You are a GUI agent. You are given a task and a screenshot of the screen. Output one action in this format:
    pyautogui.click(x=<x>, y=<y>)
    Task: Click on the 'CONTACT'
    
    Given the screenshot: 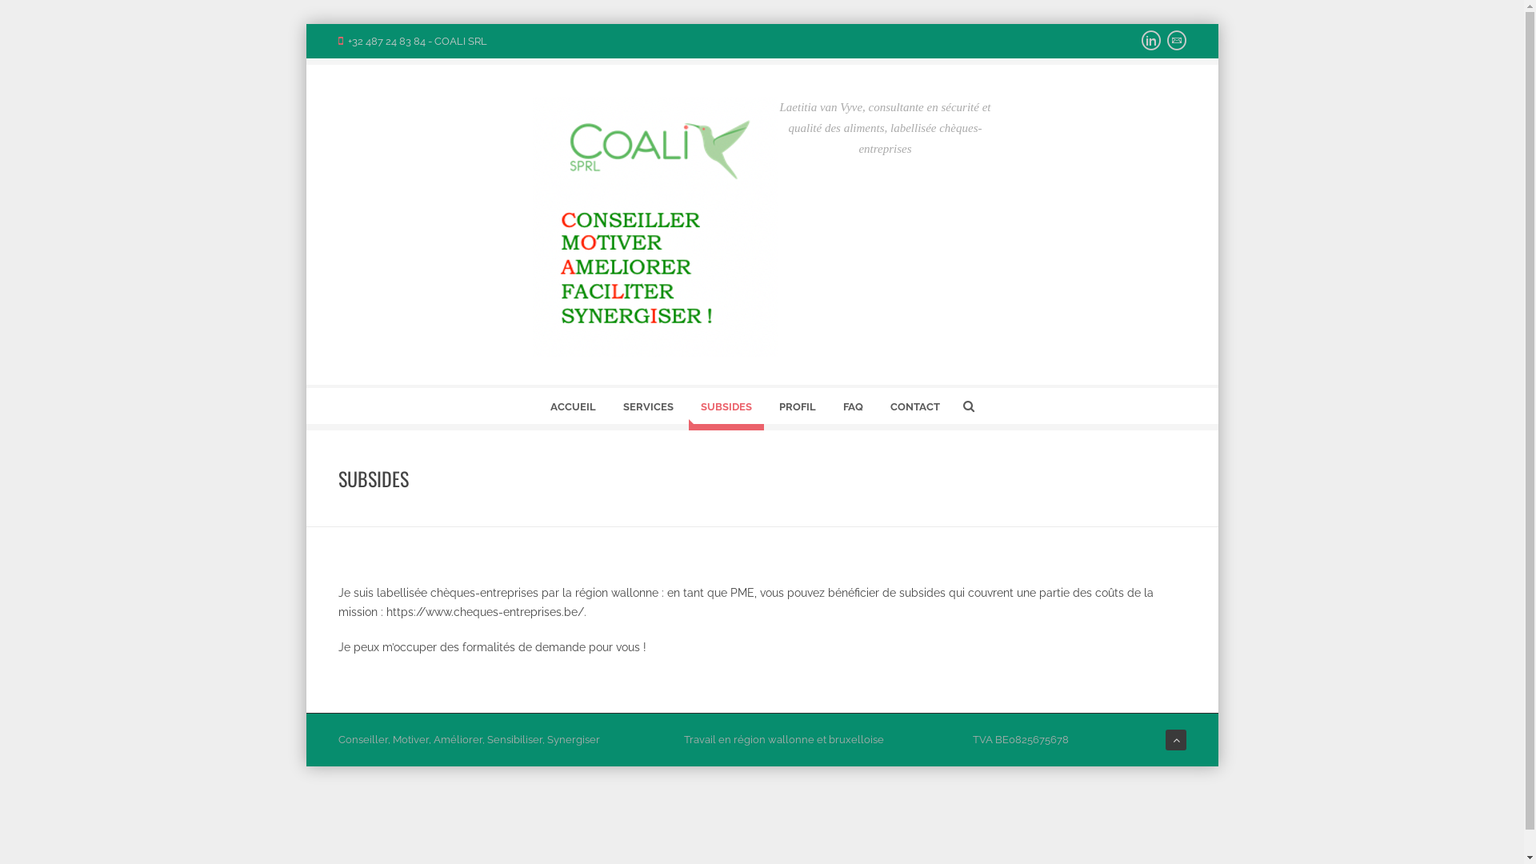 What is the action you would take?
    pyautogui.click(x=914, y=409)
    